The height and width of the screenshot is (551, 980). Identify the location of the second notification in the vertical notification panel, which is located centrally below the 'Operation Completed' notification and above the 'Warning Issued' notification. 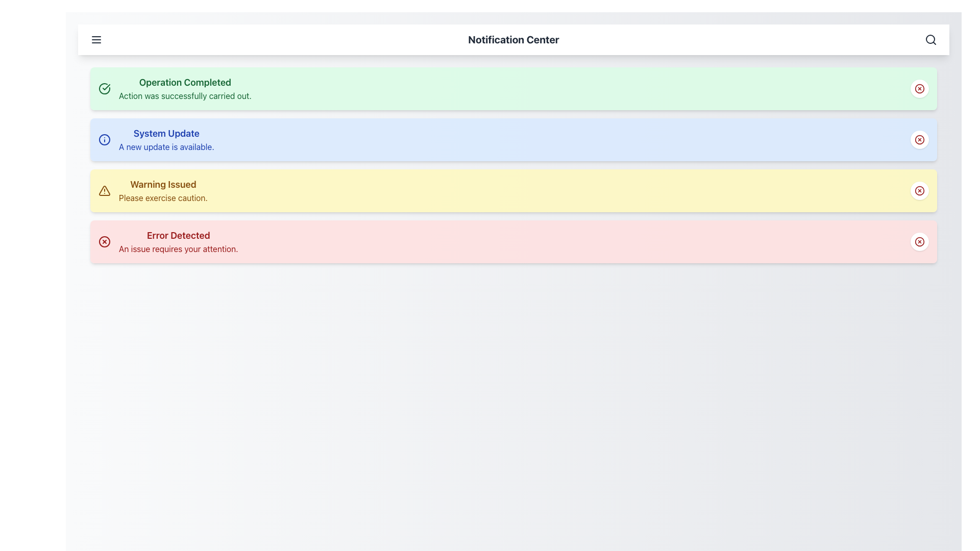
(513, 139).